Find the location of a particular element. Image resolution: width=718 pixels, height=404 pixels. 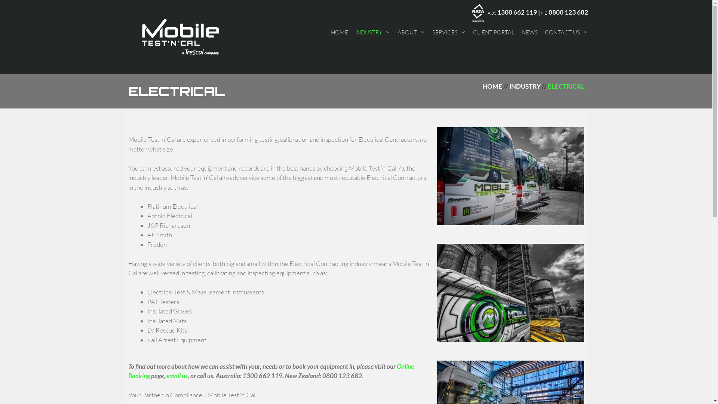

'INDUSTRY' is located at coordinates (524, 86).